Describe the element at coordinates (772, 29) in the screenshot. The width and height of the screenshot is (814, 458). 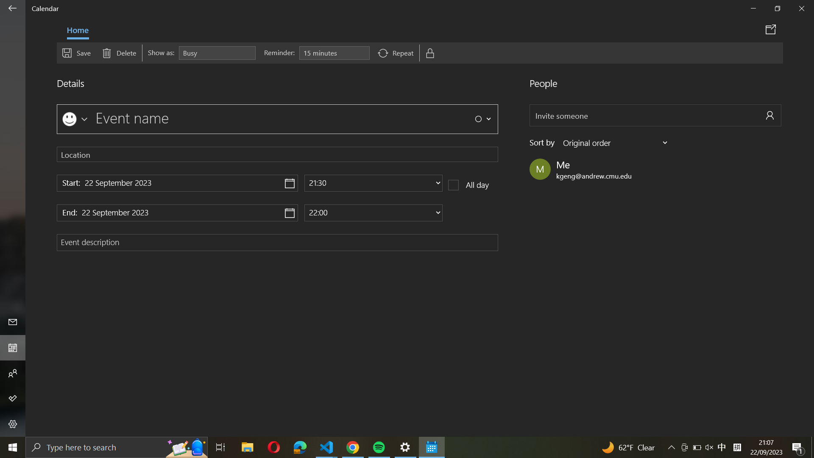
I see `Share event via calendar` at that location.